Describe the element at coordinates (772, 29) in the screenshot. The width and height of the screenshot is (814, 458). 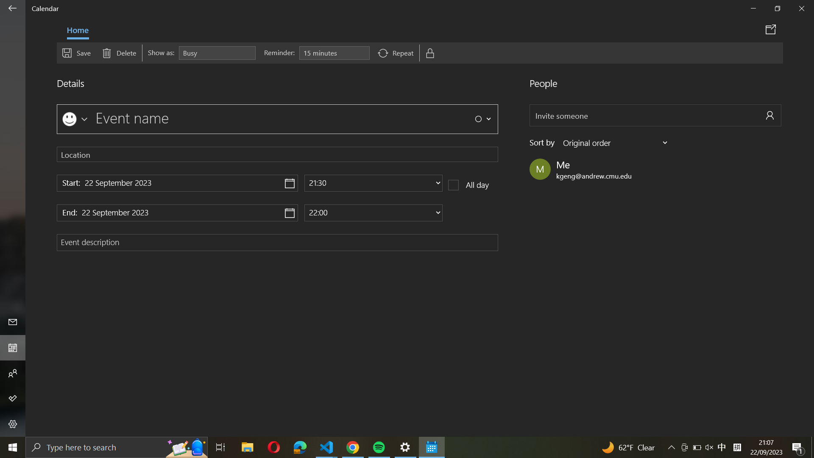
I see `Share event via calendar` at that location.